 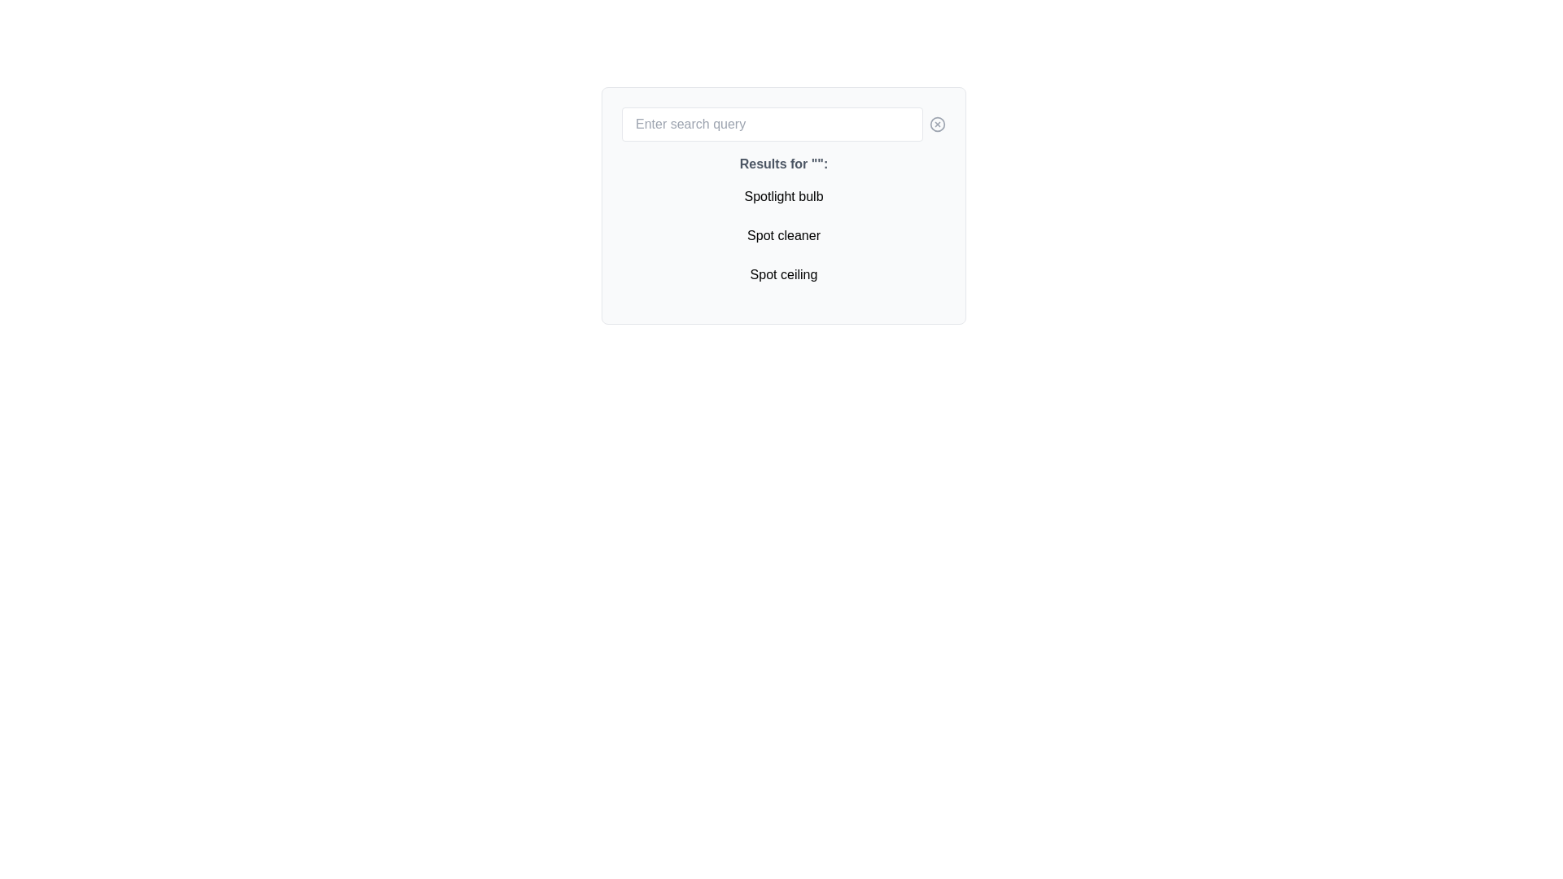 What do you see at coordinates (812, 235) in the screenshot?
I see `the textual component displaying the letter 'e' in the word 'cleaner' of the text 'Spot cleaner'` at bounding box center [812, 235].